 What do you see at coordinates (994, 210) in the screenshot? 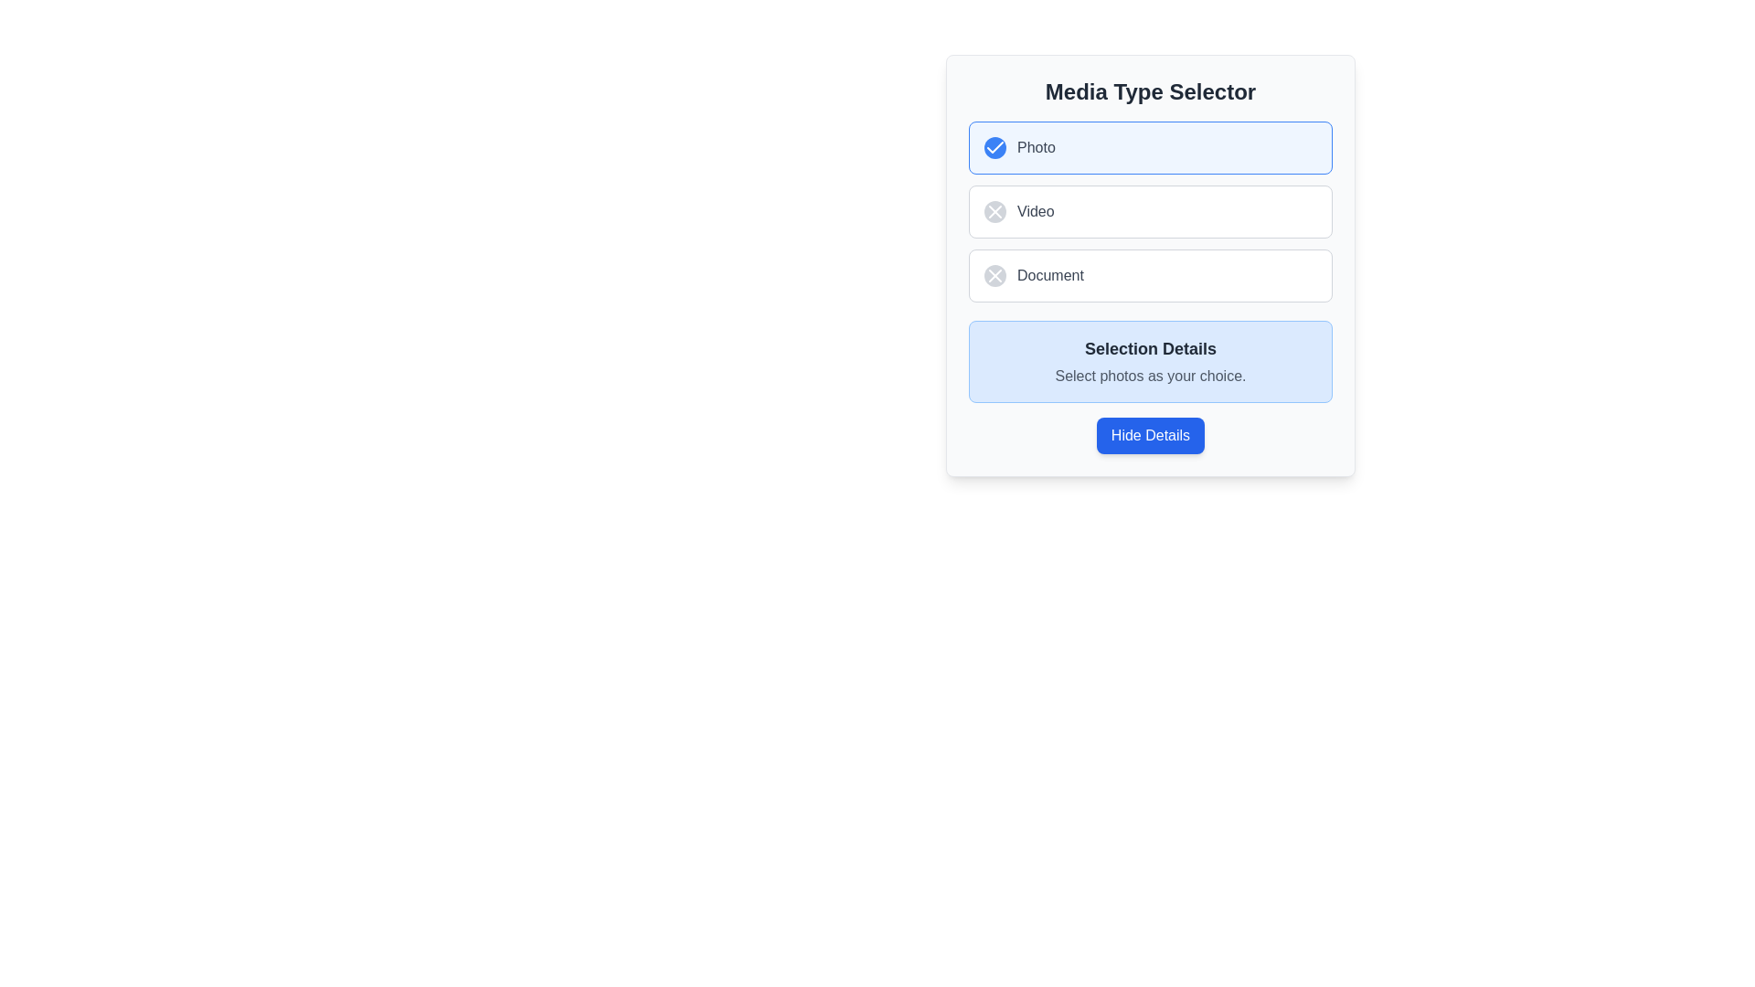
I see `the icon representing an unselected or disabled state in the top-right of the 'Video' selection row` at bounding box center [994, 210].